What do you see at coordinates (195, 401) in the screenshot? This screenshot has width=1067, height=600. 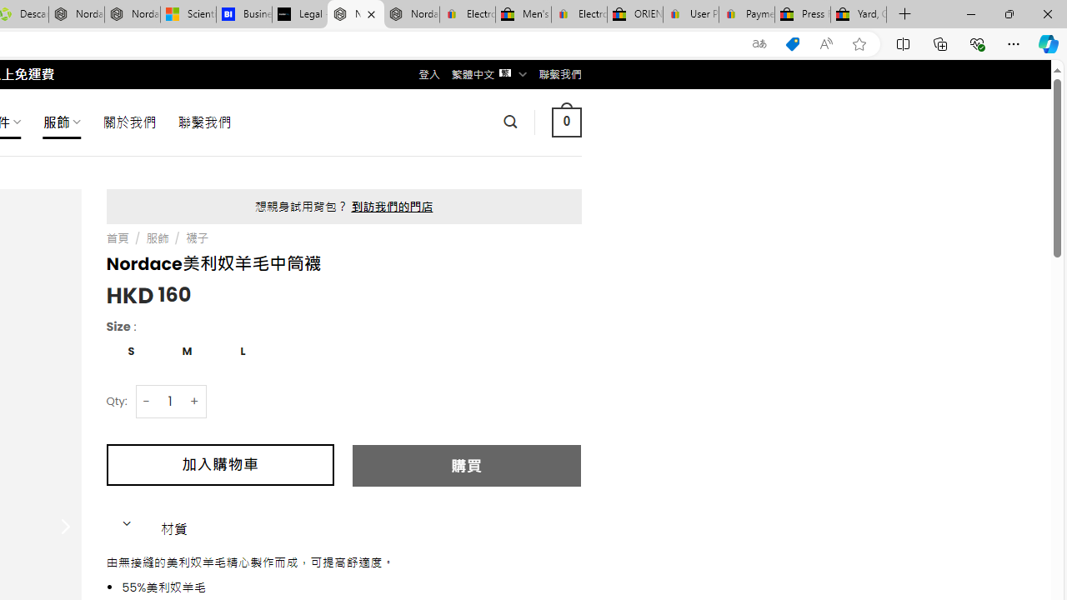 I see `'+'` at bounding box center [195, 401].